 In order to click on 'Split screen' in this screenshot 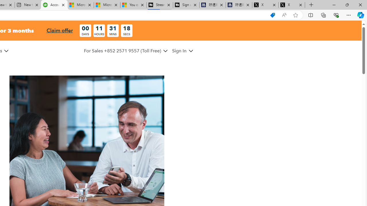, I will do `click(310, 15)`.